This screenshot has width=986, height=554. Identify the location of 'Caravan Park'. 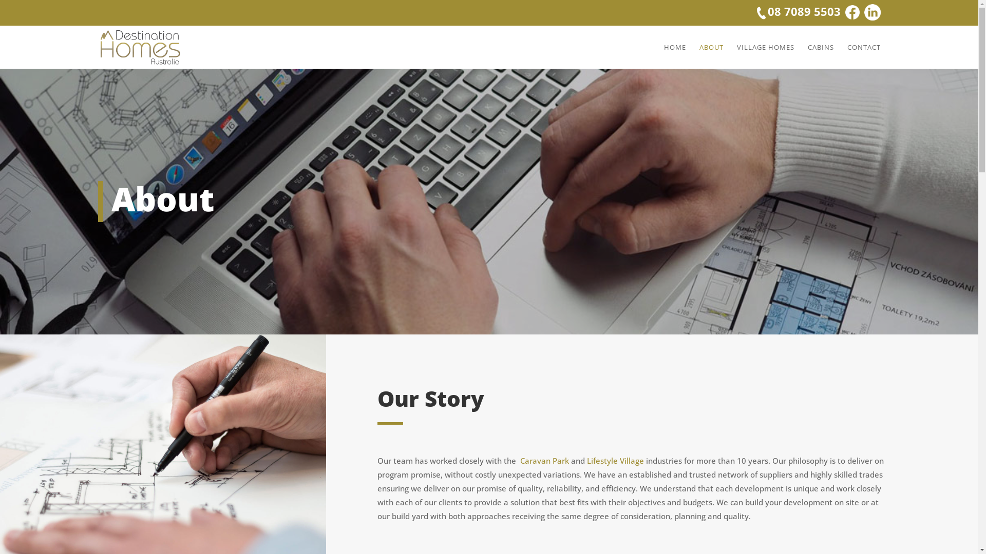
(520, 460).